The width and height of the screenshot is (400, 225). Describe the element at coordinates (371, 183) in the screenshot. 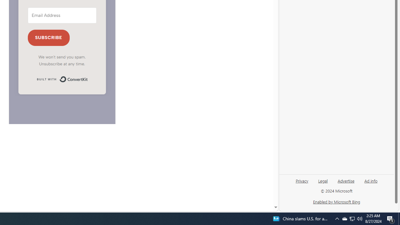

I see `'Ad info'` at that location.